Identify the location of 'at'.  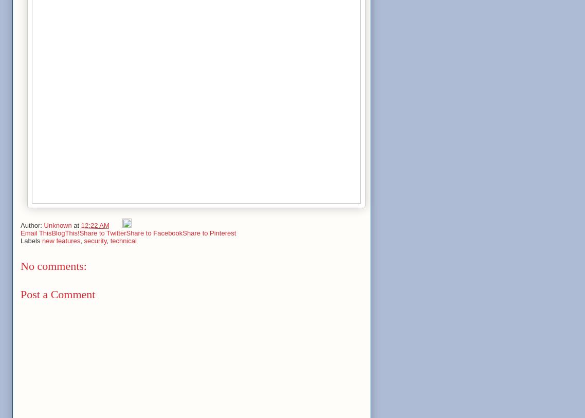
(77, 225).